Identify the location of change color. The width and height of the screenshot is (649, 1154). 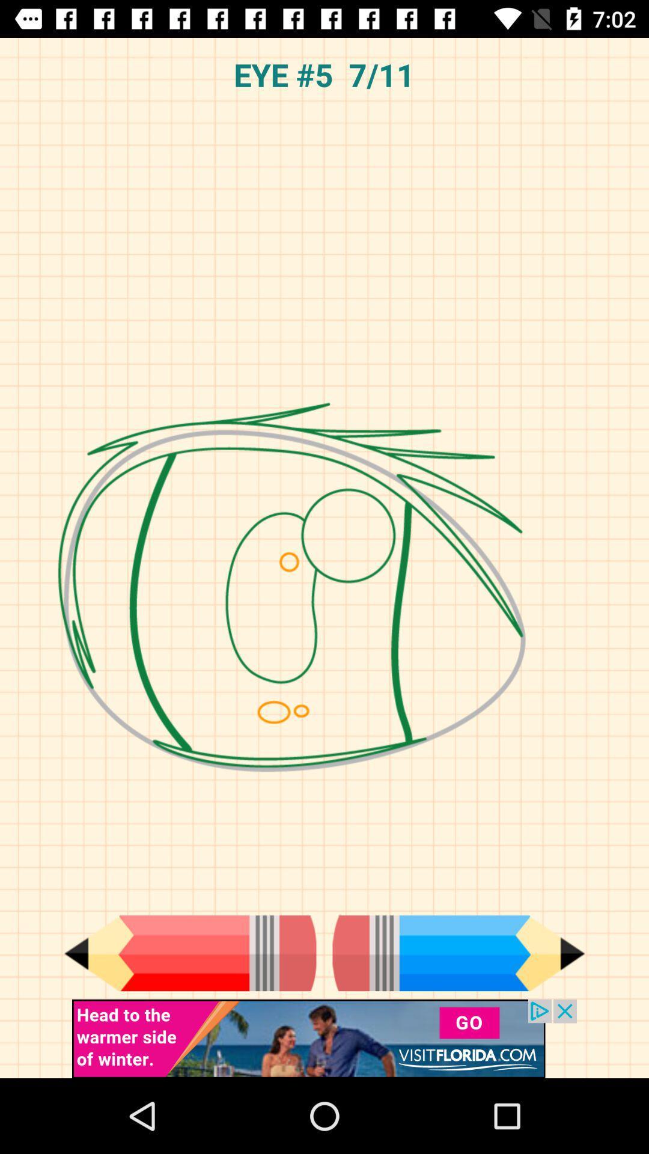
(189, 953).